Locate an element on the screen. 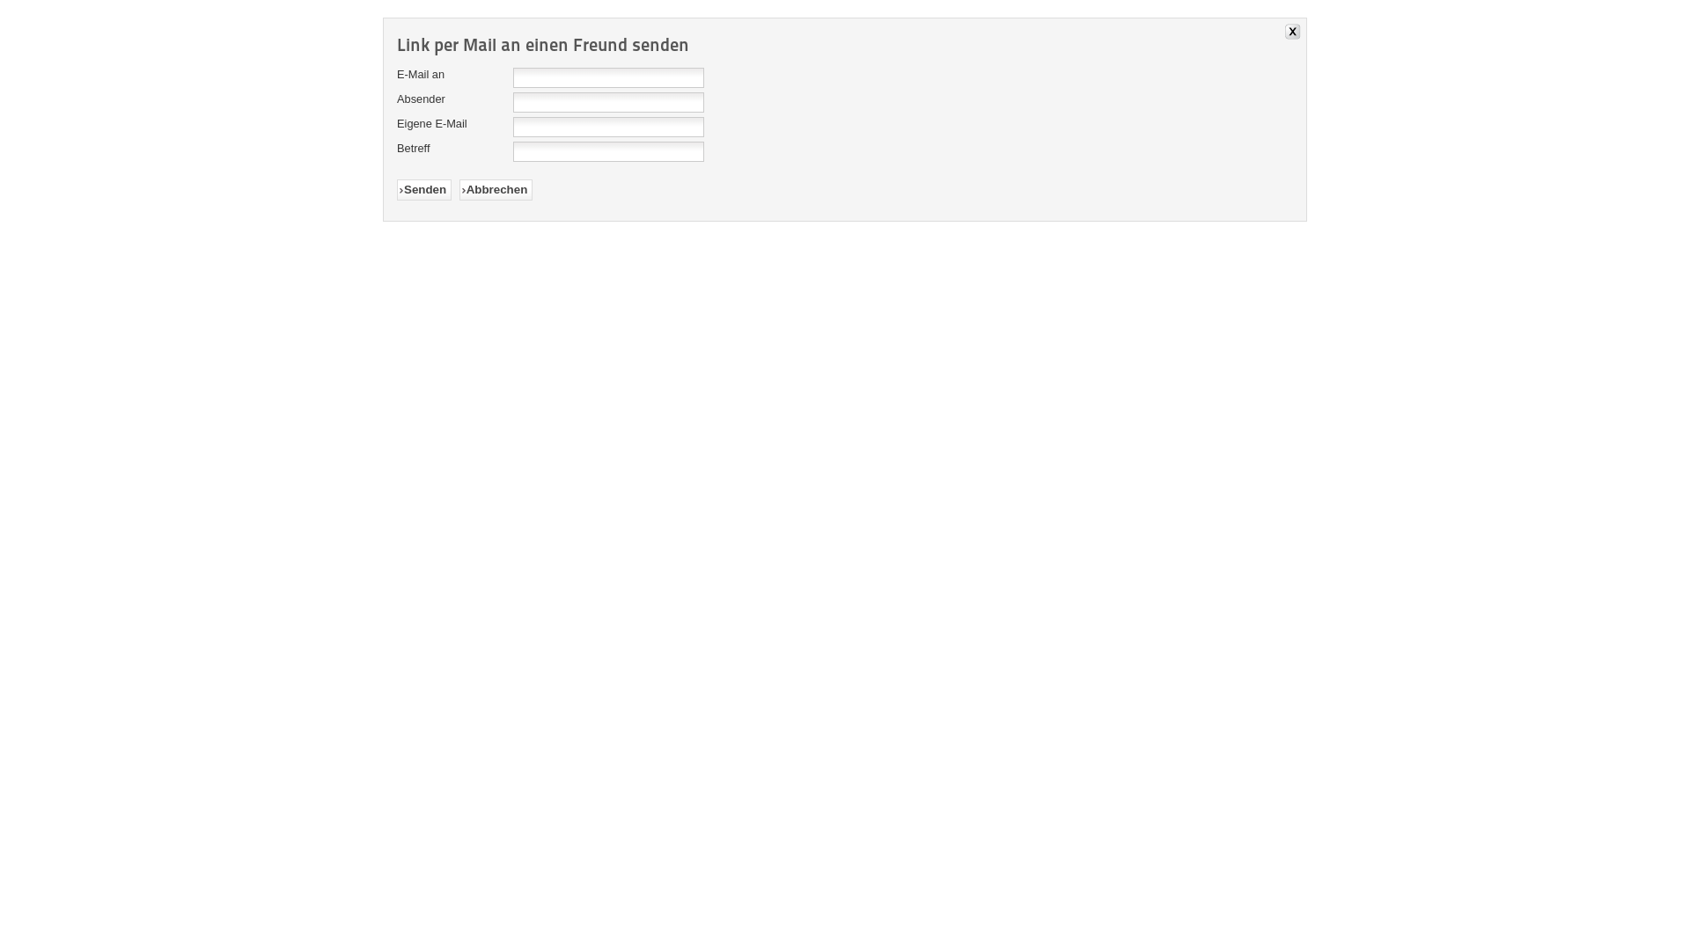  'Senden' is located at coordinates (423, 190).